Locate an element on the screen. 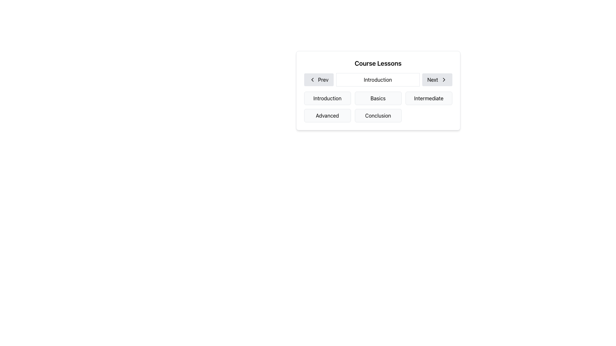 The width and height of the screenshot is (616, 346). the 'Previous' text label within the navigation bar is located at coordinates (323, 79).